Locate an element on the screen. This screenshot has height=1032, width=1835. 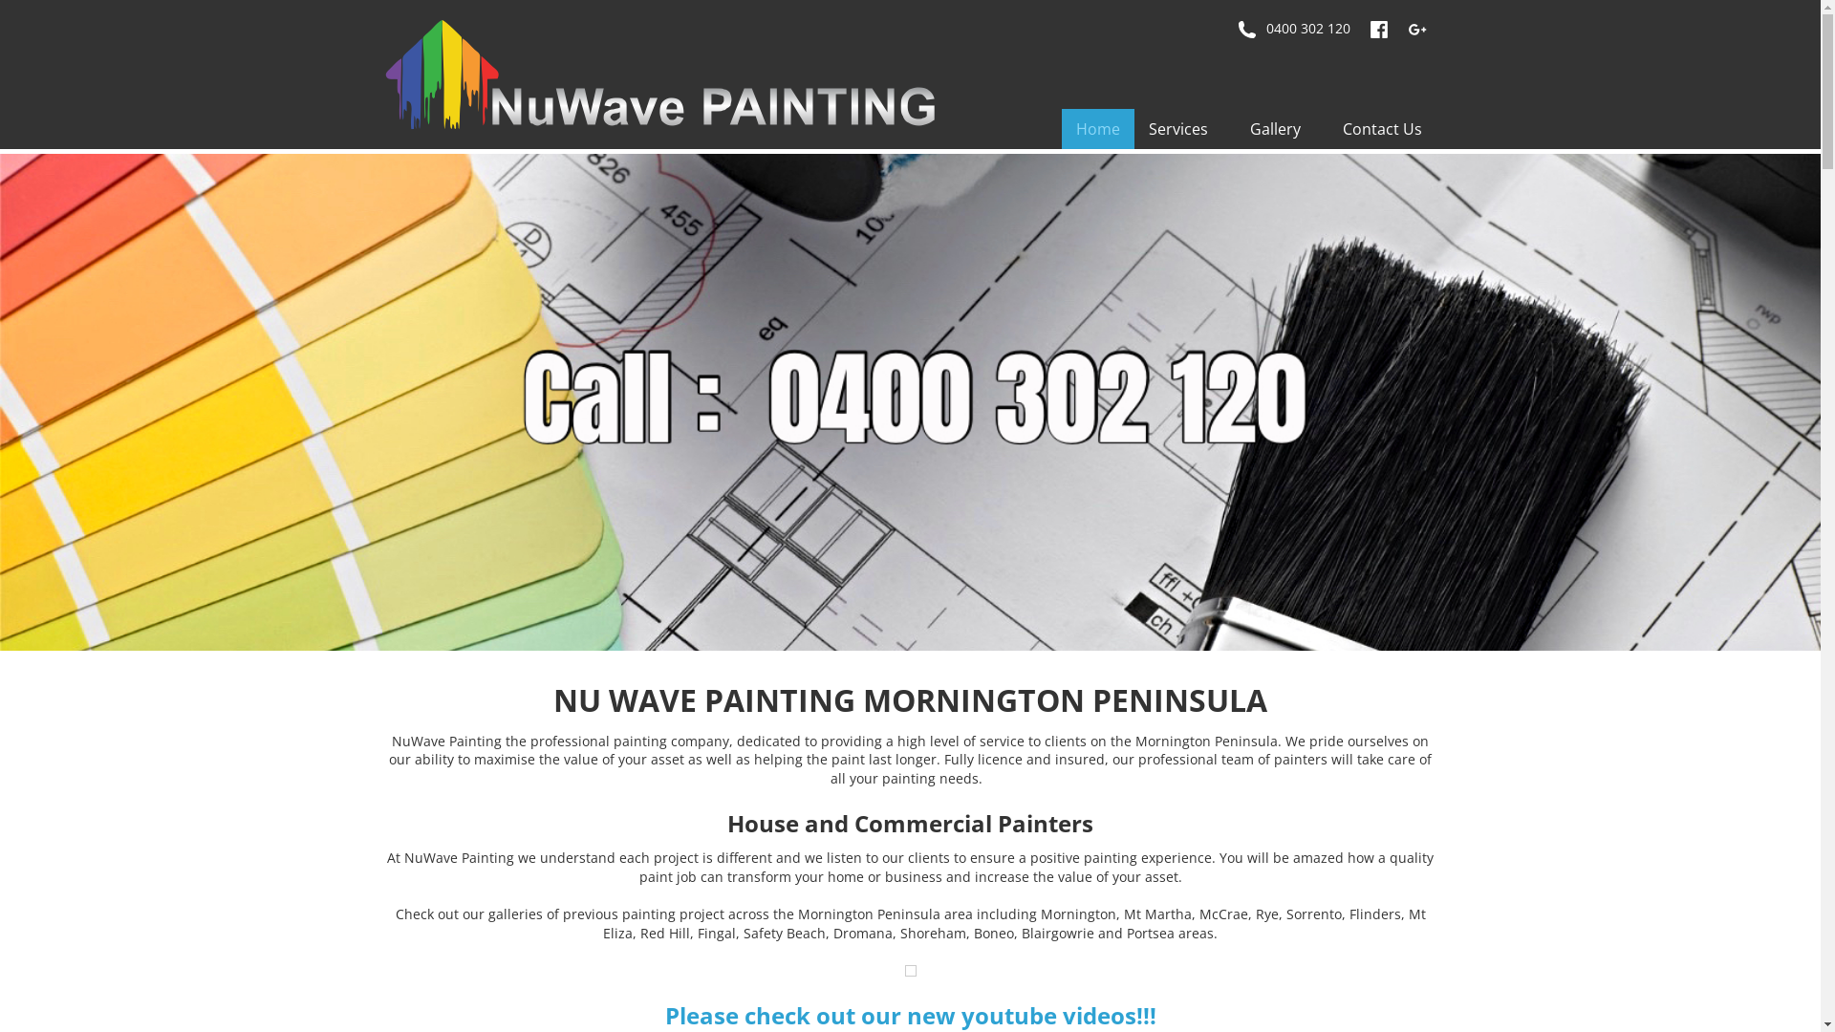
'Please check out our new youtube videos!!!' is located at coordinates (910, 1014).